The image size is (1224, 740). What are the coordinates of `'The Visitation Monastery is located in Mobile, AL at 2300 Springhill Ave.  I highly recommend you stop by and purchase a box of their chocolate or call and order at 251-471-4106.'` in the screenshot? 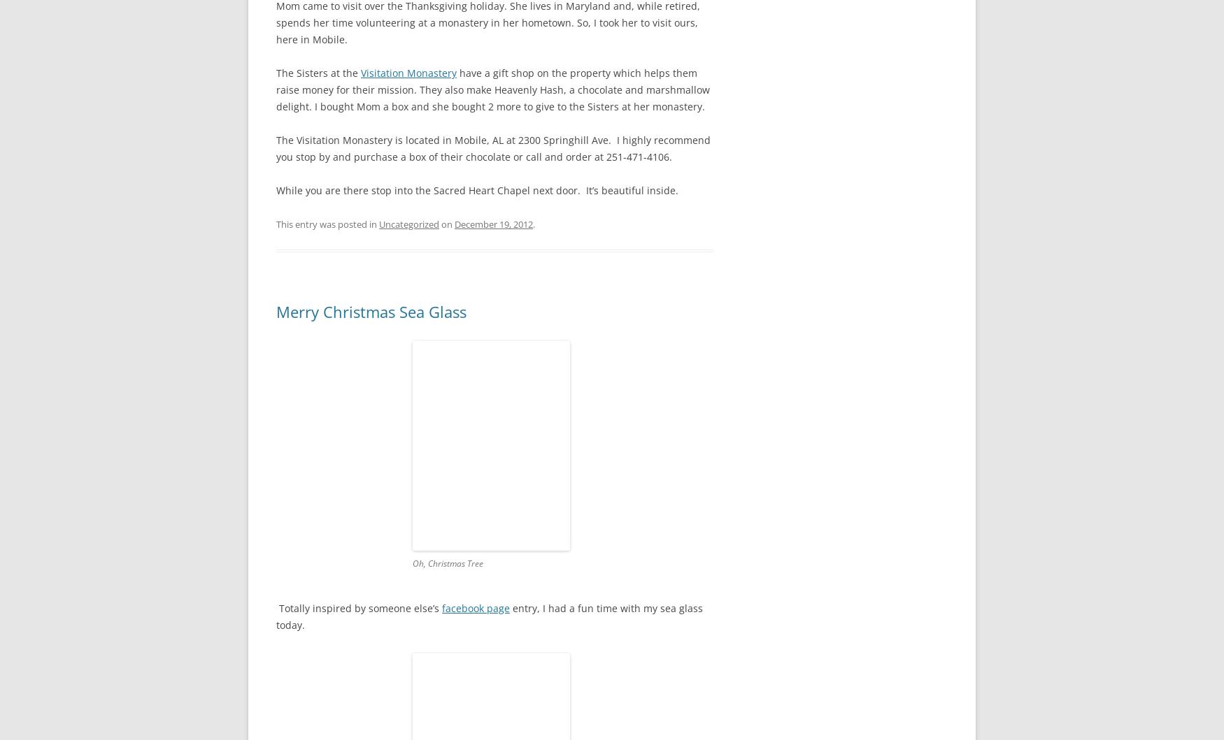 It's located at (493, 148).